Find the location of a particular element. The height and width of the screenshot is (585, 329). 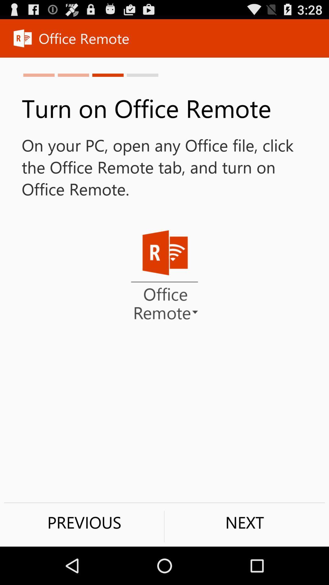

the button at the bottom left corner is located at coordinates (84, 522).